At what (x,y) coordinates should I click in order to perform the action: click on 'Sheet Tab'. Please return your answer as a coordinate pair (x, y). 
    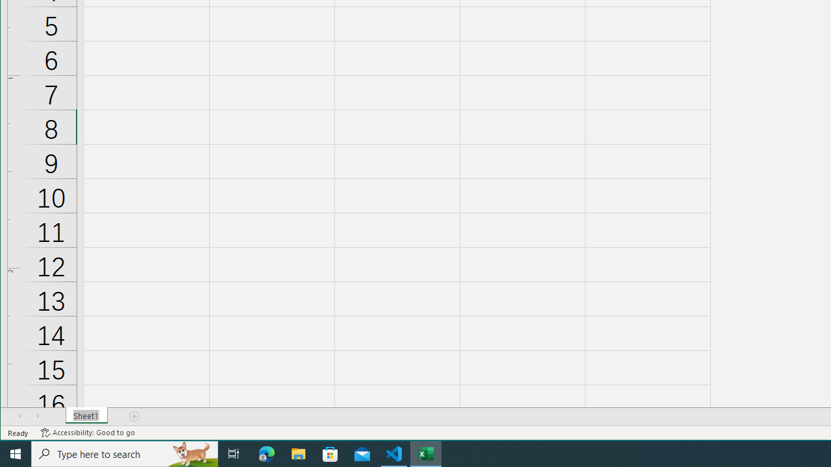
    Looking at the image, I should click on (86, 416).